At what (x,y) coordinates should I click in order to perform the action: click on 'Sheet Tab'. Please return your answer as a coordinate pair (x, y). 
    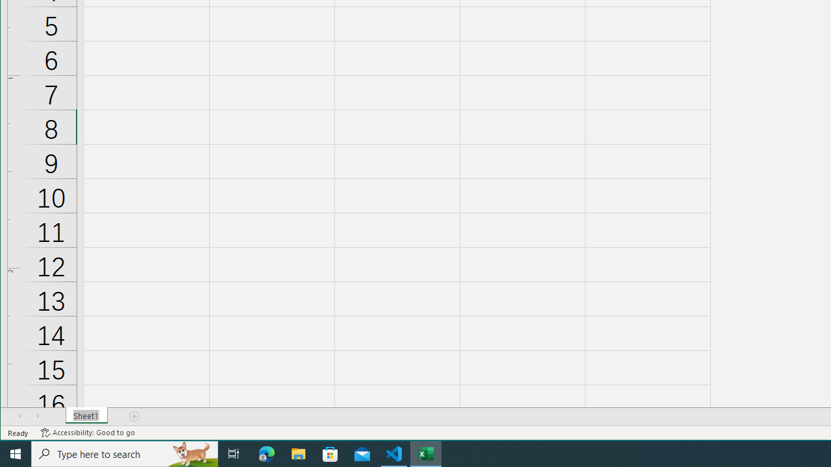
    Looking at the image, I should click on (86, 416).